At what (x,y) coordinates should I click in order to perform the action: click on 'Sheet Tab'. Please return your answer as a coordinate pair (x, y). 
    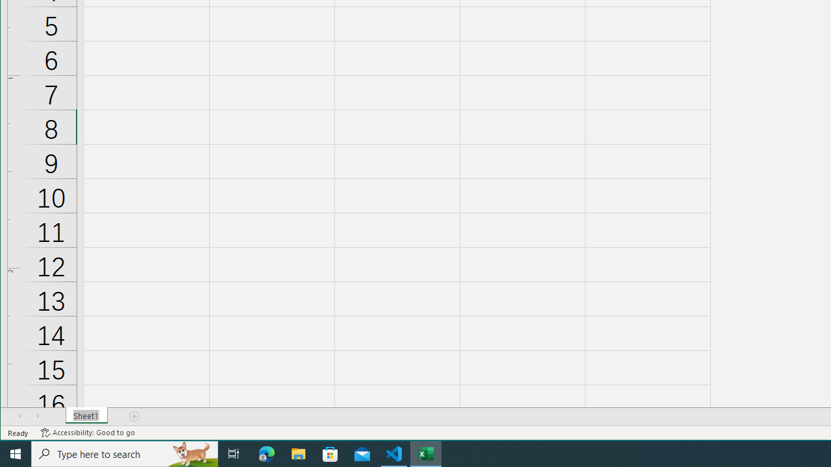
    Looking at the image, I should click on (86, 416).